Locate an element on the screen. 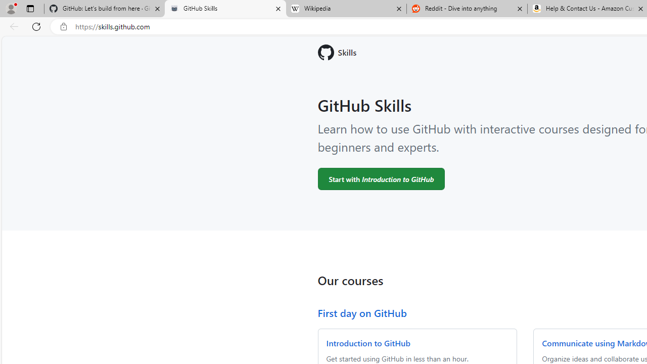  'GitHub Skills' is located at coordinates (224, 9).